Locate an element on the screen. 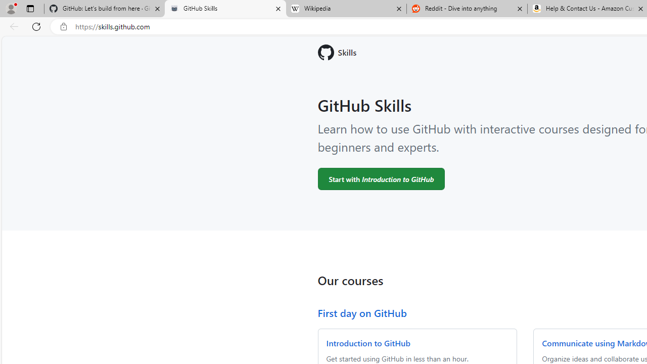  'GitHub Skills' is located at coordinates (224, 9).